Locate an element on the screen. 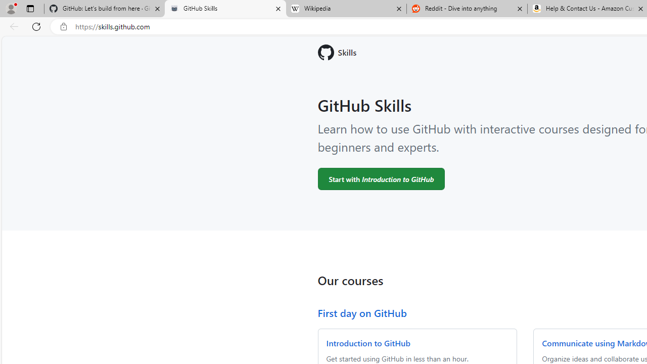  'GitHub Skills' is located at coordinates (224, 9).